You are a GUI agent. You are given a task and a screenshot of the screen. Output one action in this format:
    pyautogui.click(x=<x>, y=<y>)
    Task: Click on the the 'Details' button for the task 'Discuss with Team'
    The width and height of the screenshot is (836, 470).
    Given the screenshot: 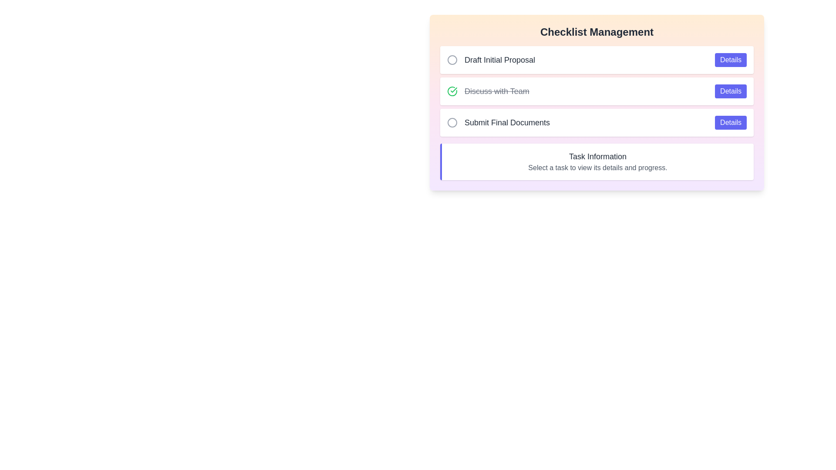 What is the action you would take?
    pyautogui.click(x=731, y=91)
    